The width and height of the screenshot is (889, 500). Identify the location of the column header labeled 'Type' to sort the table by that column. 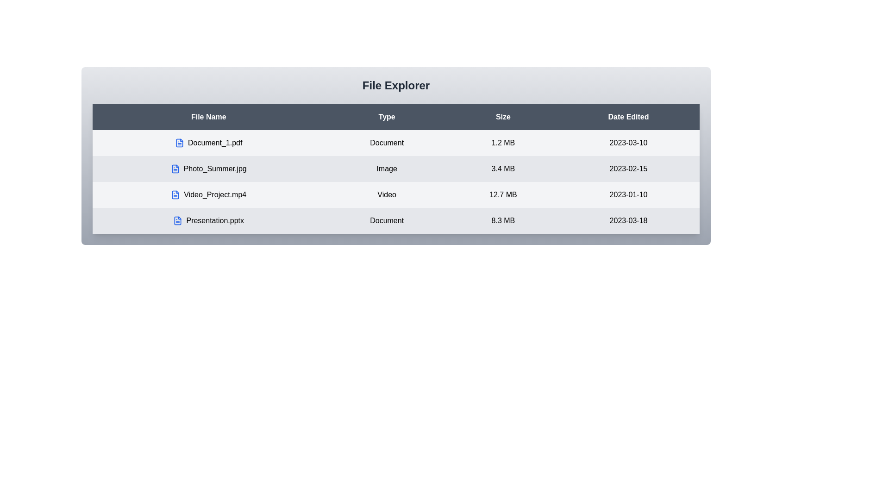
(387, 117).